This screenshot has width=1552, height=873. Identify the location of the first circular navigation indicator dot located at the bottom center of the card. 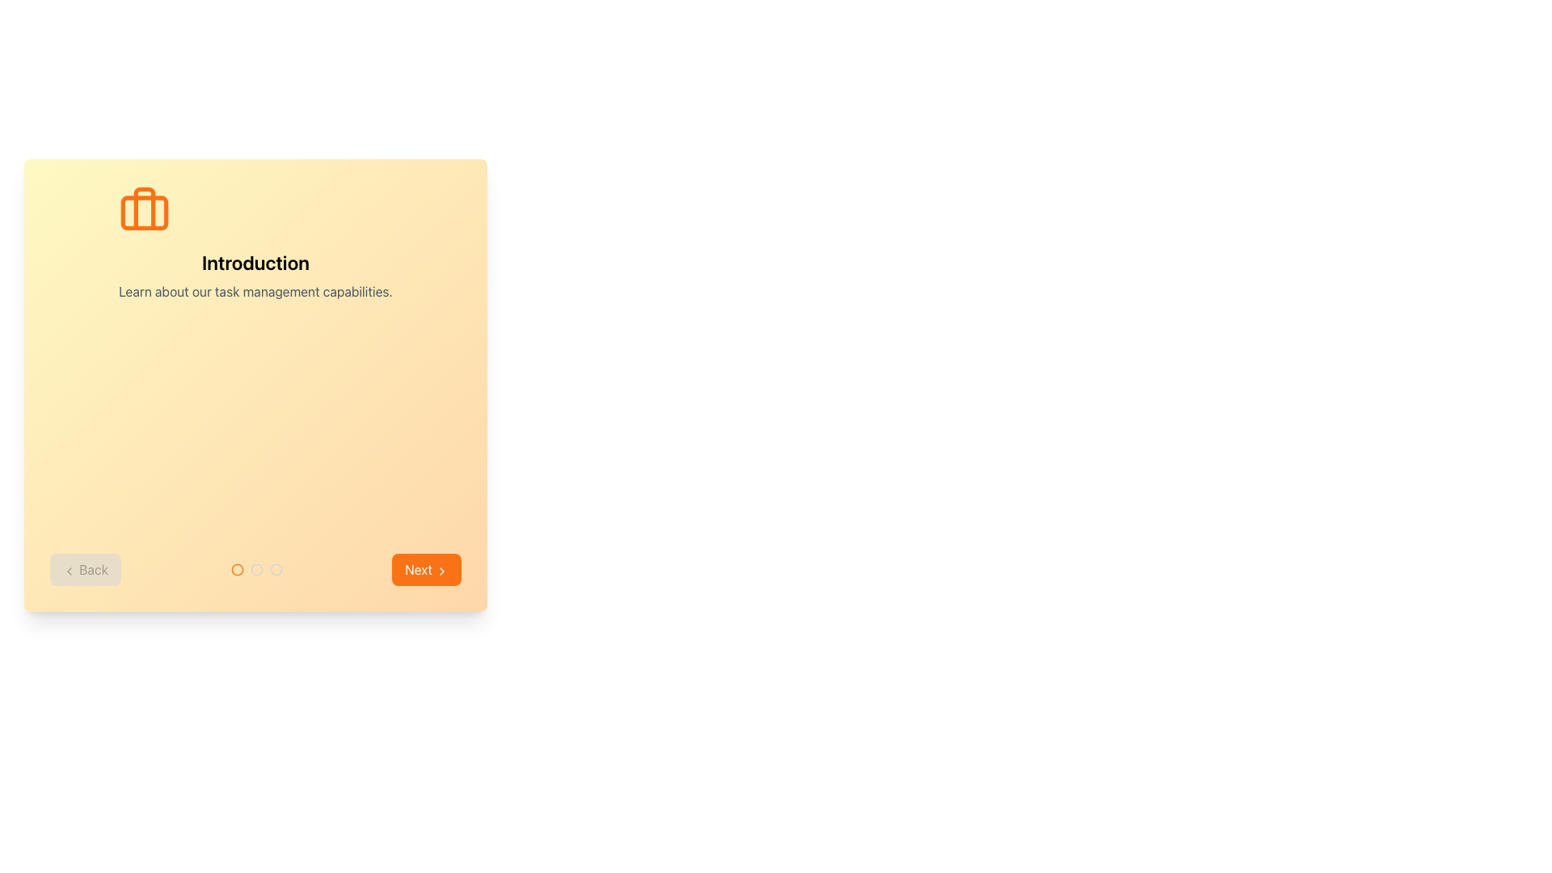
(236, 569).